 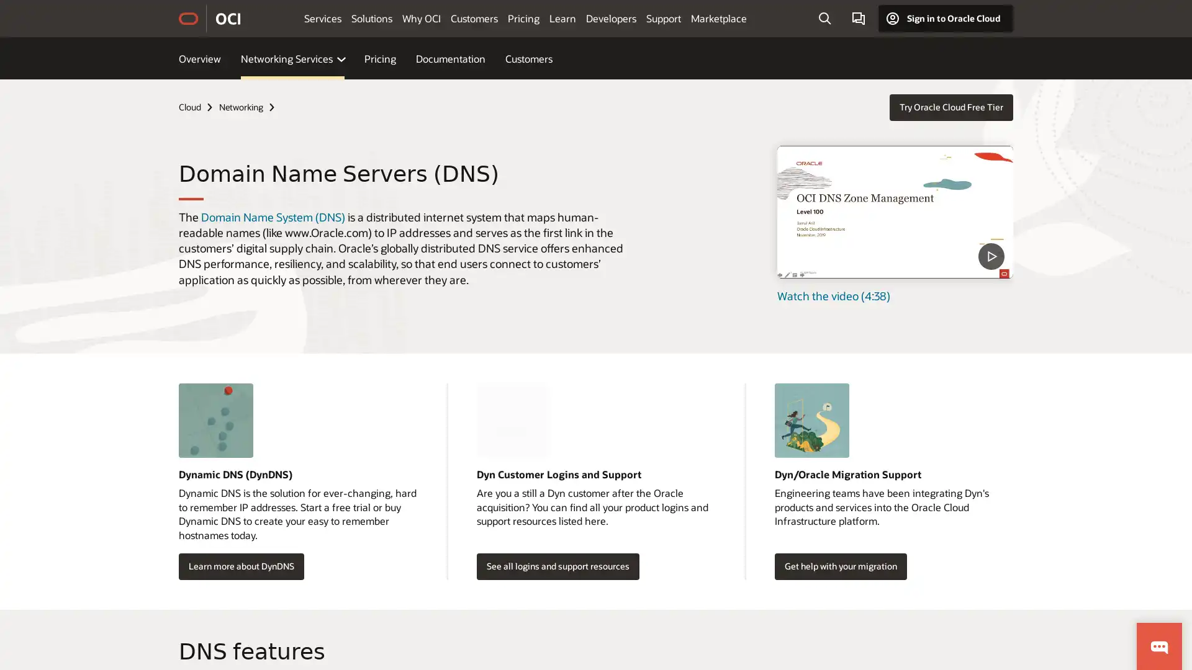 What do you see at coordinates (371, 18) in the screenshot?
I see `Solutions` at bounding box center [371, 18].